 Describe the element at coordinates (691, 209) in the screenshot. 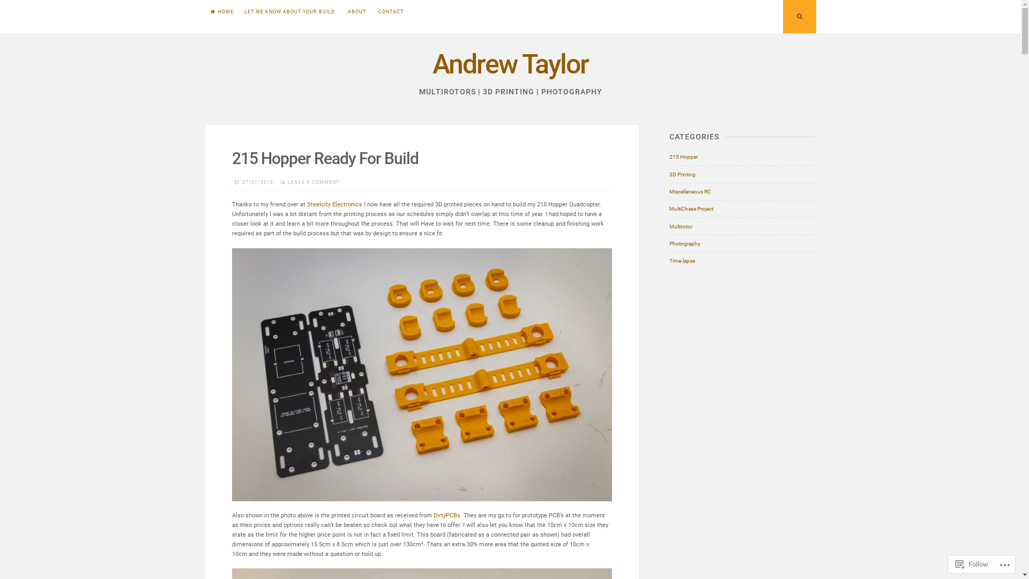

I see `'MultiChase Project'` at that location.